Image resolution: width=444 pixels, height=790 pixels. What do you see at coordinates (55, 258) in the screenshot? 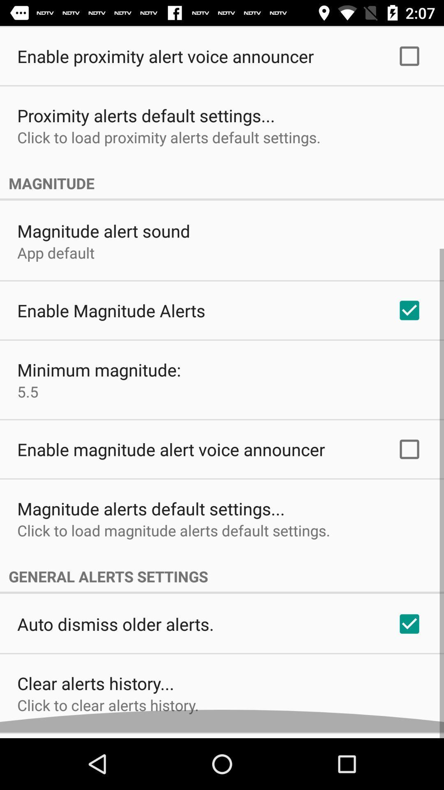
I see `app below the magnitude alert sound item` at bounding box center [55, 258].